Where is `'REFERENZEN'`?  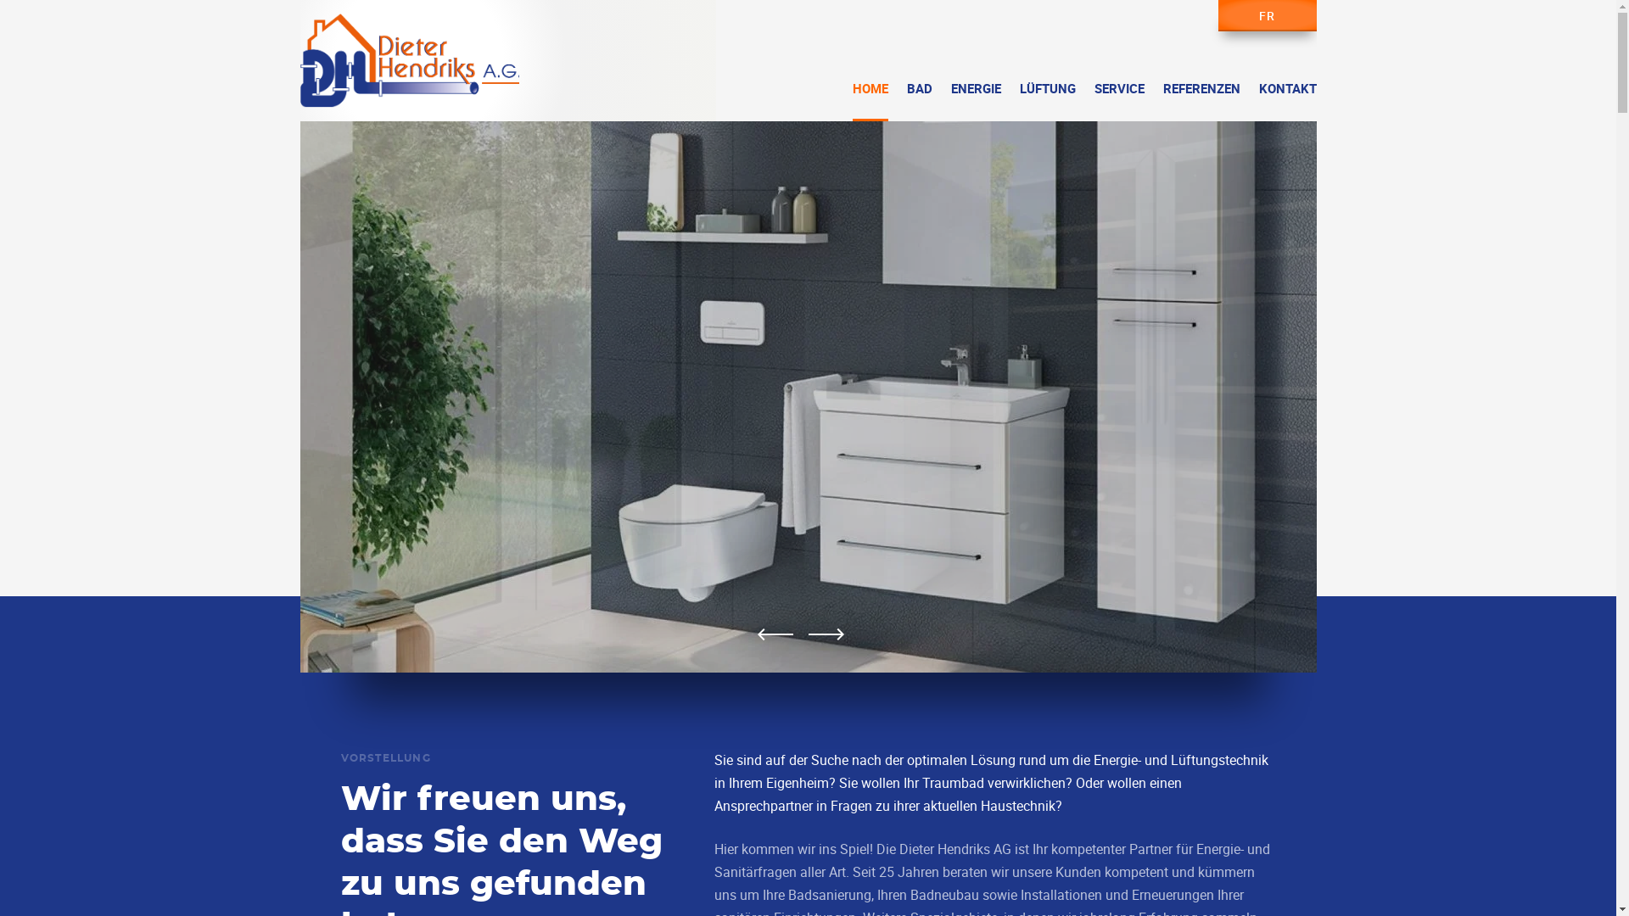
'REFERENZEN' is located at coordinates (1200, 101).